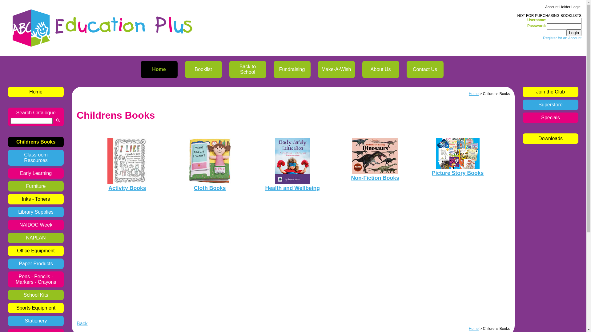 This screenshot has height=332, width=591. I want to click on 'Register for an Account', so click(543, 38).